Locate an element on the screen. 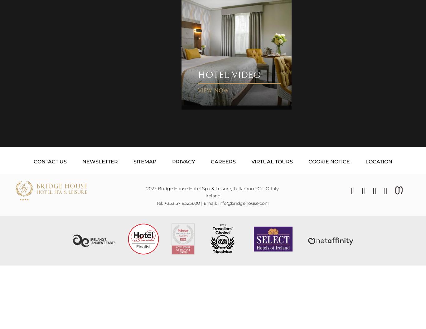  'Hotel Video' is located at coordinates (230, 74).